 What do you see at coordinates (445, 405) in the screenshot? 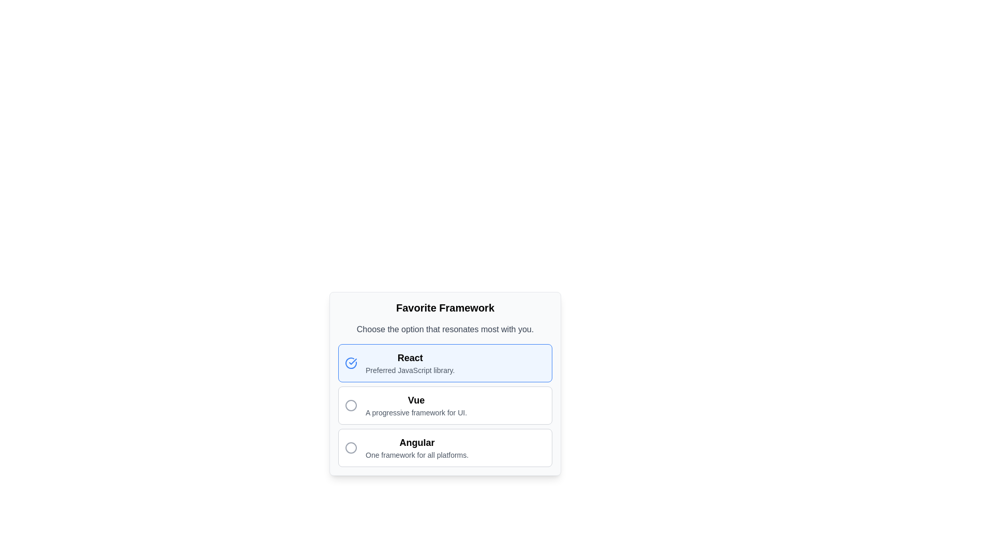
I see `the unselected radio button option labeled 'Vue'` at bounding box center [445, 405].